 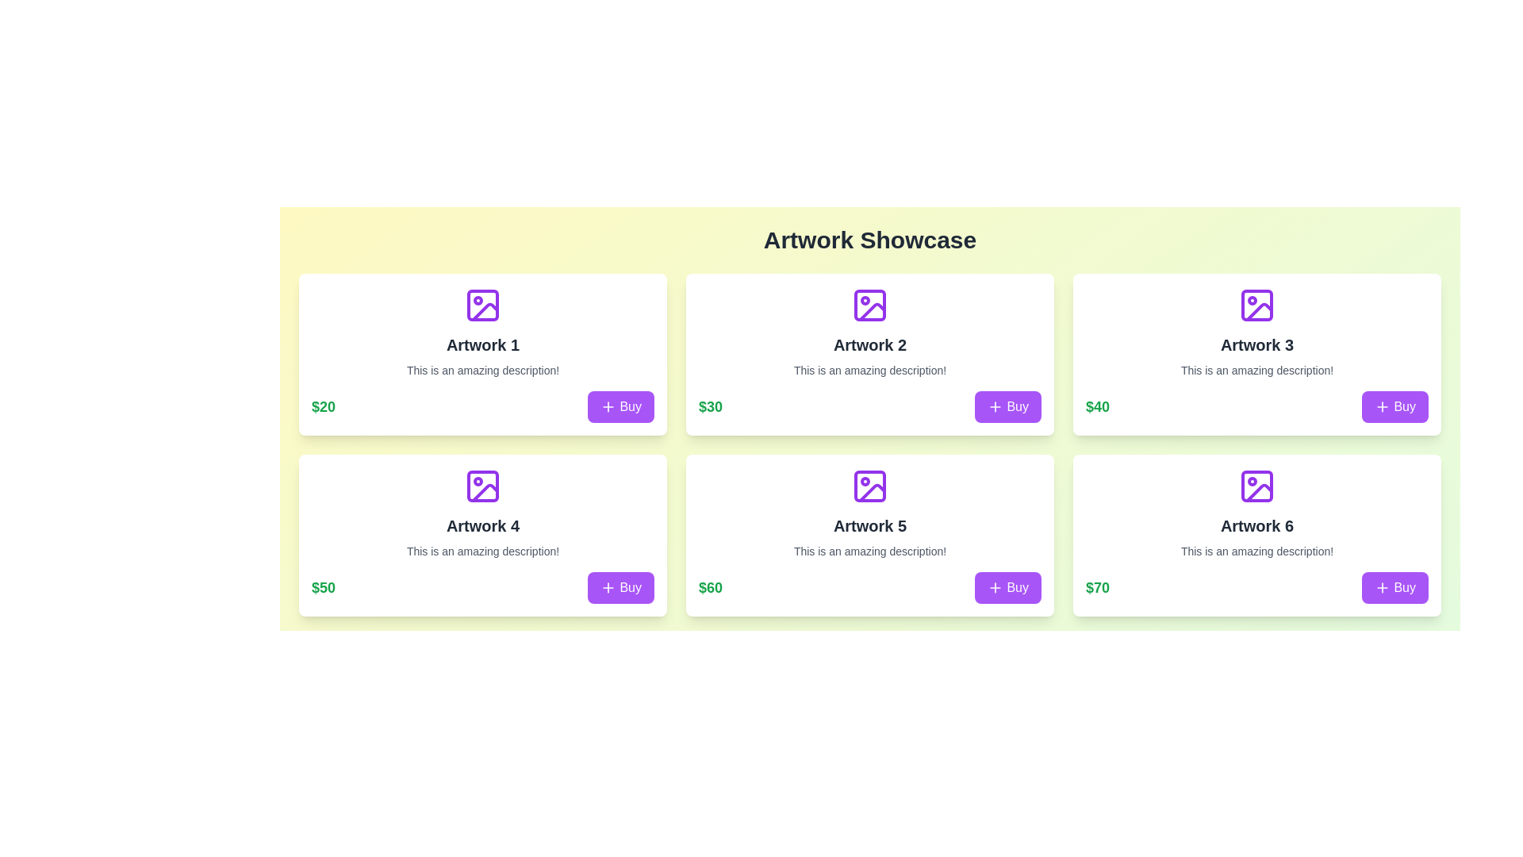 I want to click on descriptive text label for the 'Artwork 3' item, located in the central card of the second row, positioned between the title and the price and 'Buy' button, so click(x=1256, y=370).